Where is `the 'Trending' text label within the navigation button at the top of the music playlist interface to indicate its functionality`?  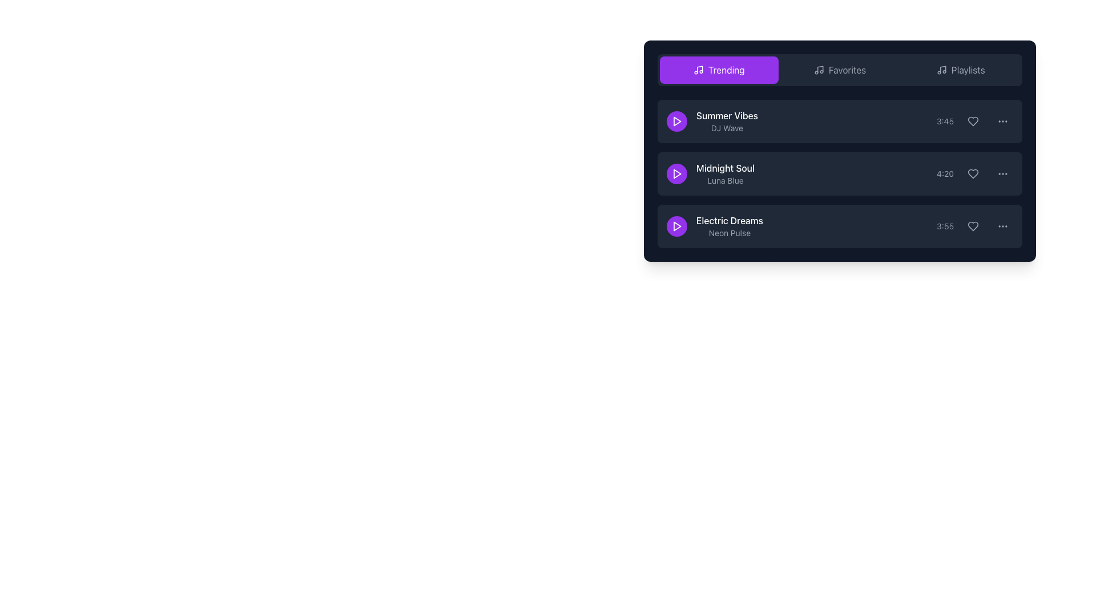 the 'Trending' text label within the navigation button at the top of the music playlist interface to indicate its functionality is located at coordinates (726, 70).